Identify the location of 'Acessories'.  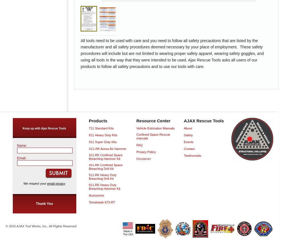
(96, 195).